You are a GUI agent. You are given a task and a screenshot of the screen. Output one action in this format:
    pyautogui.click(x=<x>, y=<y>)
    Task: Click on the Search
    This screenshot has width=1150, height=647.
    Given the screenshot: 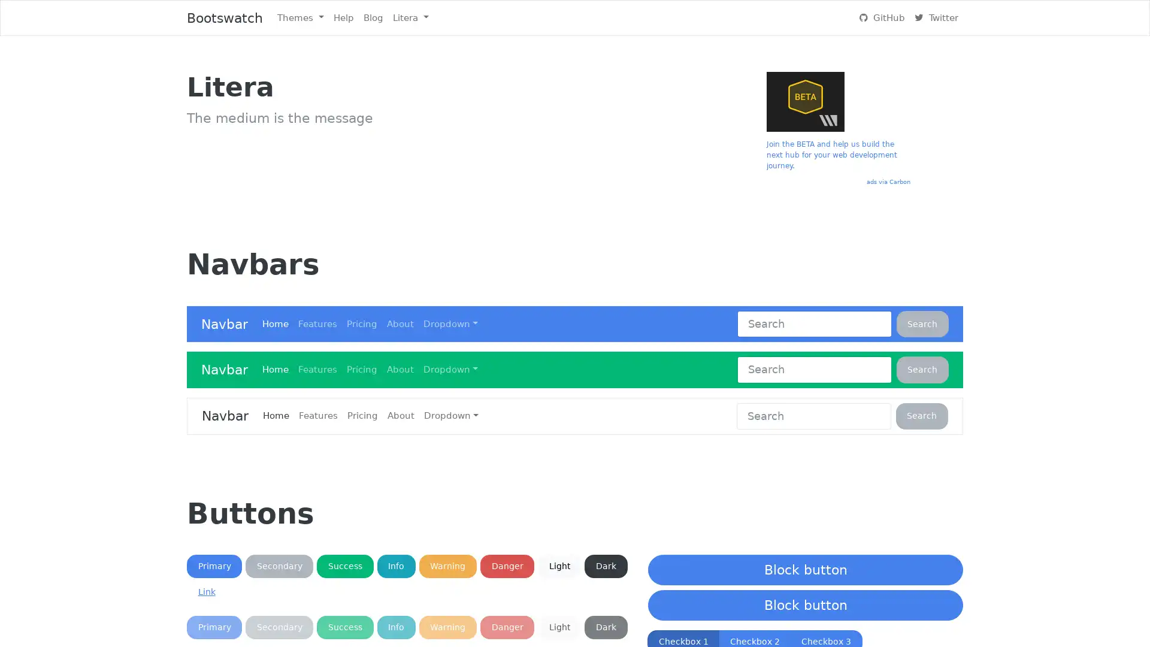 What is the action you would take?
    pyautogui.click(x=922, y=369)
    